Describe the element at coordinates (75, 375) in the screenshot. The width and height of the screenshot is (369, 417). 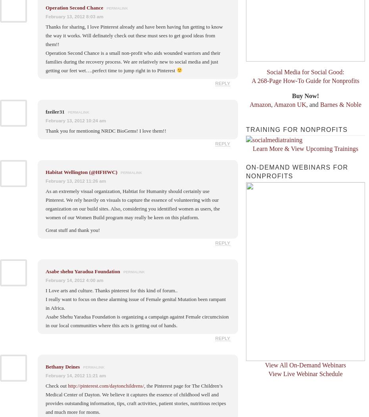
I see `'February 14, 2012 11:21 am'` at that location.